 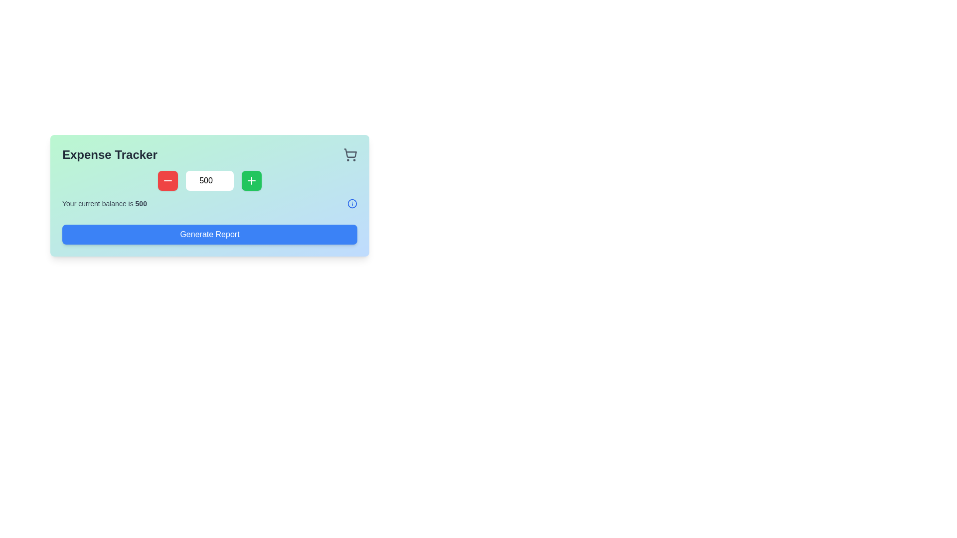 What do you see at coordinates (141, 203) in the screenshot?
I see `displayed text from the static Text label showing the user's current balance, located at the end of the sentence 'Your current balance is.'` at bounding box center [141, 203].